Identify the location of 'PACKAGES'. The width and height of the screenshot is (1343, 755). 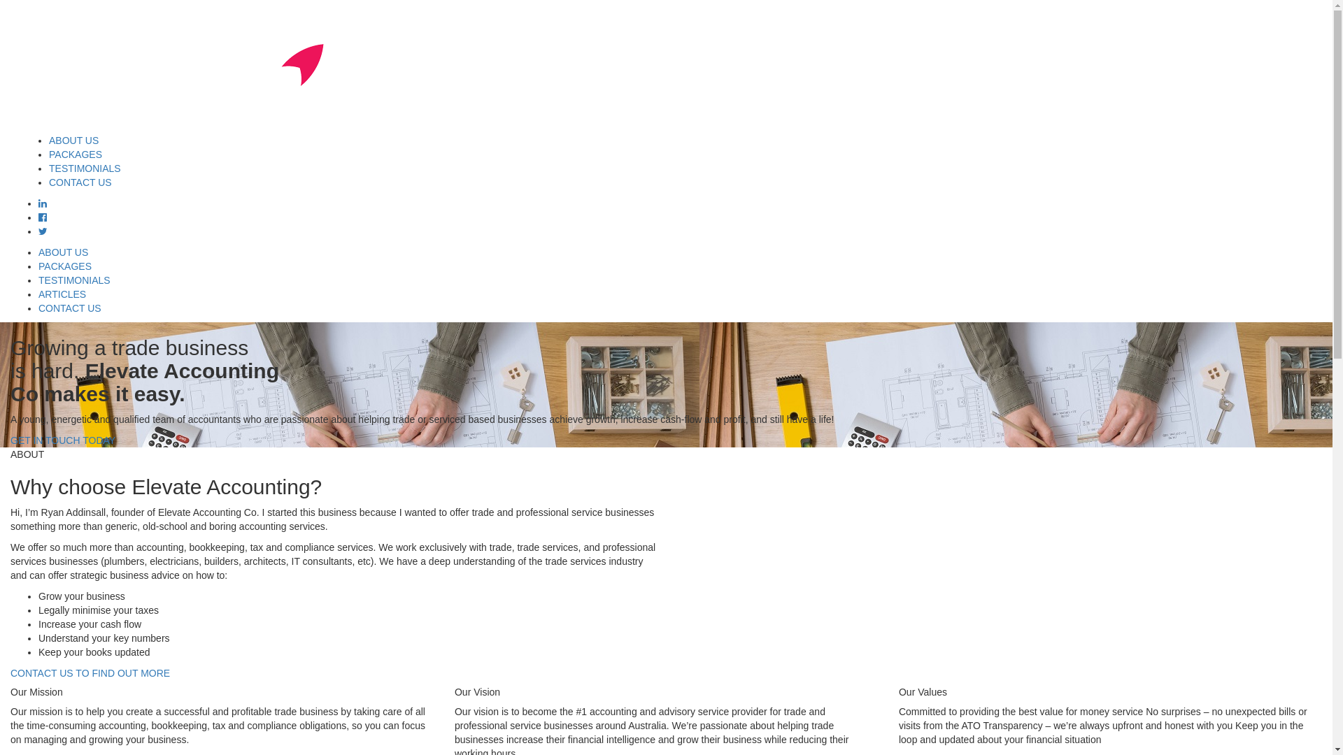
(74, 154).